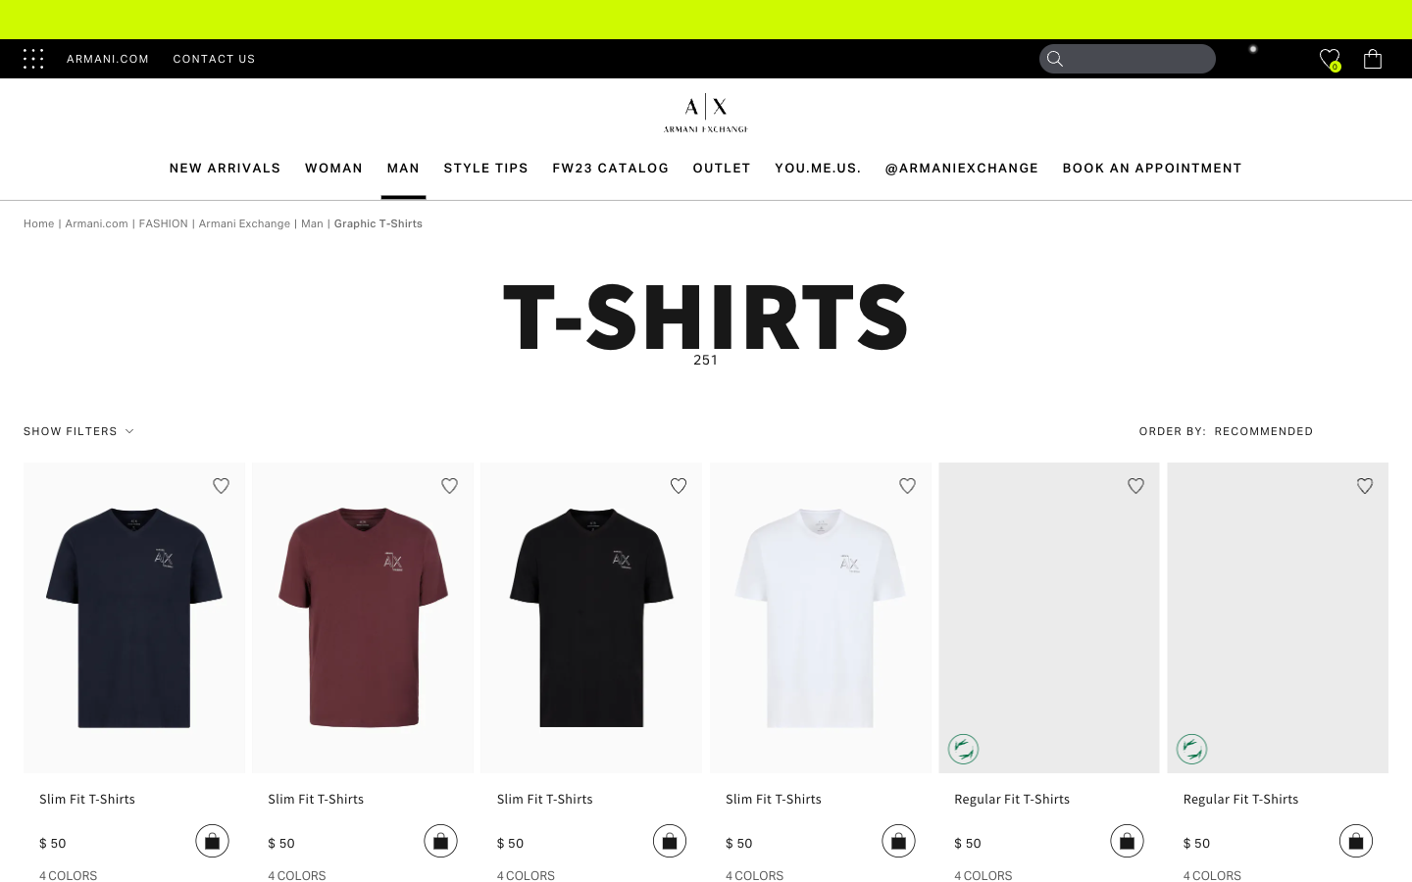  I want to click on the Graphic T-shirts section using the menu bar, so click(378, 221).